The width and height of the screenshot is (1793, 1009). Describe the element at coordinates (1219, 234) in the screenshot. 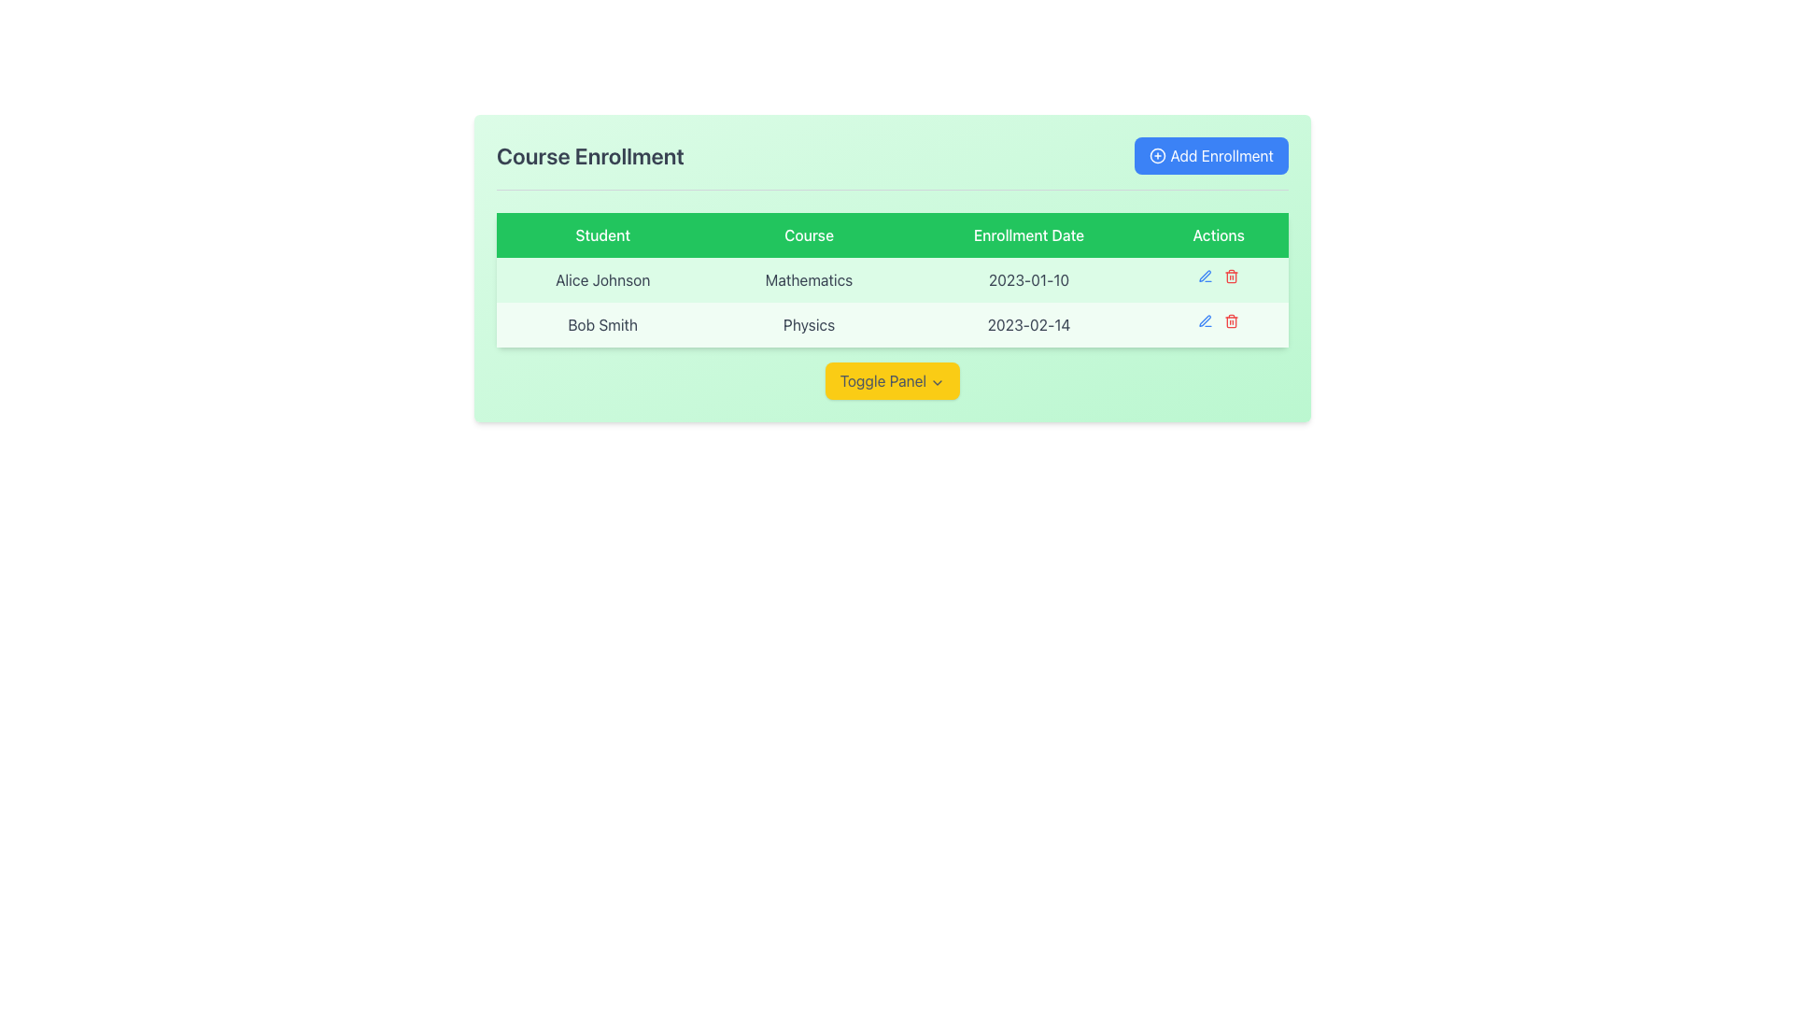

I see `the 'Actions' column header cell located at the far right of the header row in the table to sort or interact with the column` at that location.